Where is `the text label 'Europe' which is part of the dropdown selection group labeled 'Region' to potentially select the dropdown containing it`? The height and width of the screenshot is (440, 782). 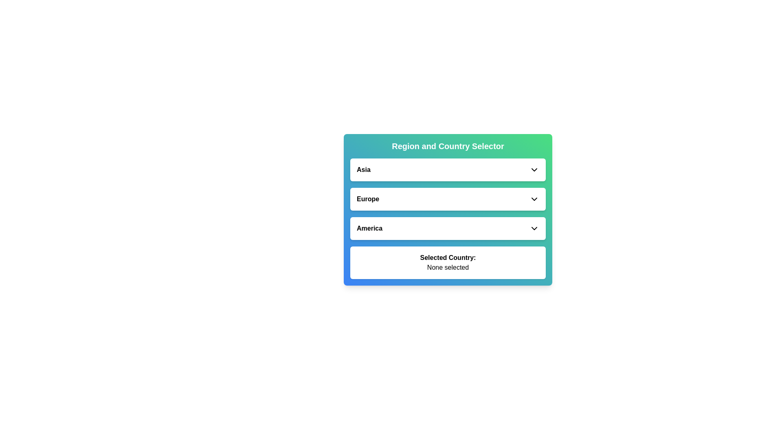
the text label 'Europe' which is part of the dropdown selection group labeled 'Region' to potentially select the dropdown containing it is located at coordinates (367, 199).